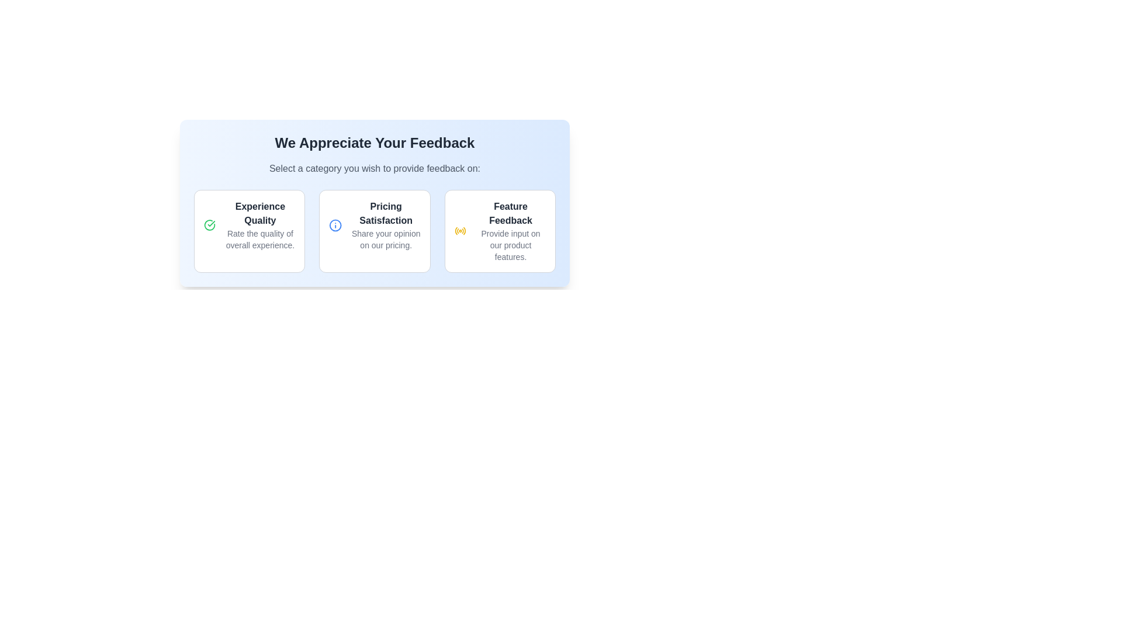 This screenshot has width=1122, height=631. Describe the element at coordinates (510, 231) in the screenshot. I see `the static text element that serves as the third feedback category option, which provides a category for user feedback focused on product features, located to the right of the 'Pricing Satisfaction' option` at that location.